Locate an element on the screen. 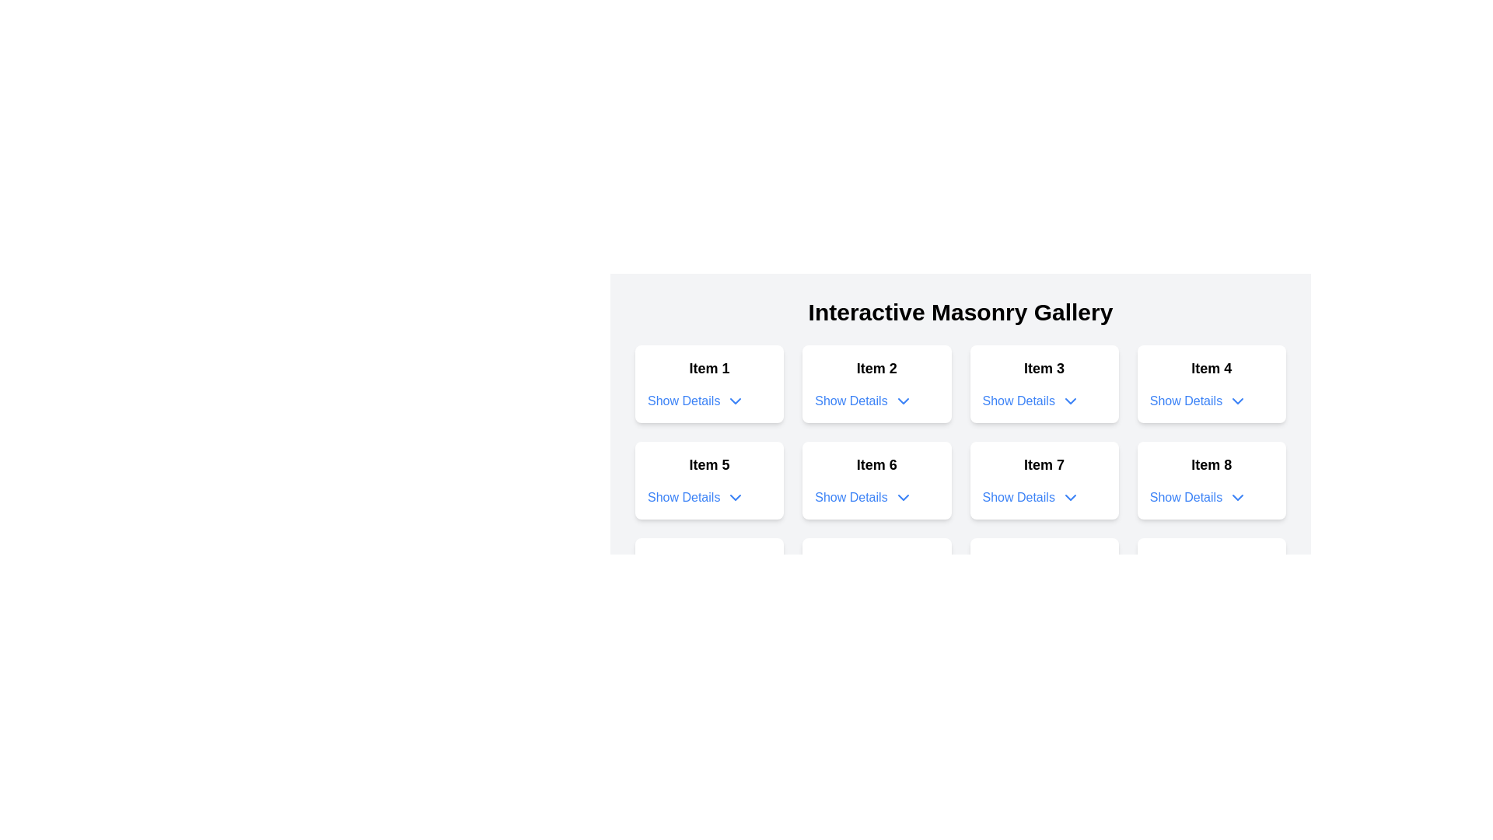 Image resolution: width=1493 pixels, height=840 pixels. the interactive link with an icon located below the main title 'Item 5' in the 'Item 5' card is located at coordinates (695, 498).